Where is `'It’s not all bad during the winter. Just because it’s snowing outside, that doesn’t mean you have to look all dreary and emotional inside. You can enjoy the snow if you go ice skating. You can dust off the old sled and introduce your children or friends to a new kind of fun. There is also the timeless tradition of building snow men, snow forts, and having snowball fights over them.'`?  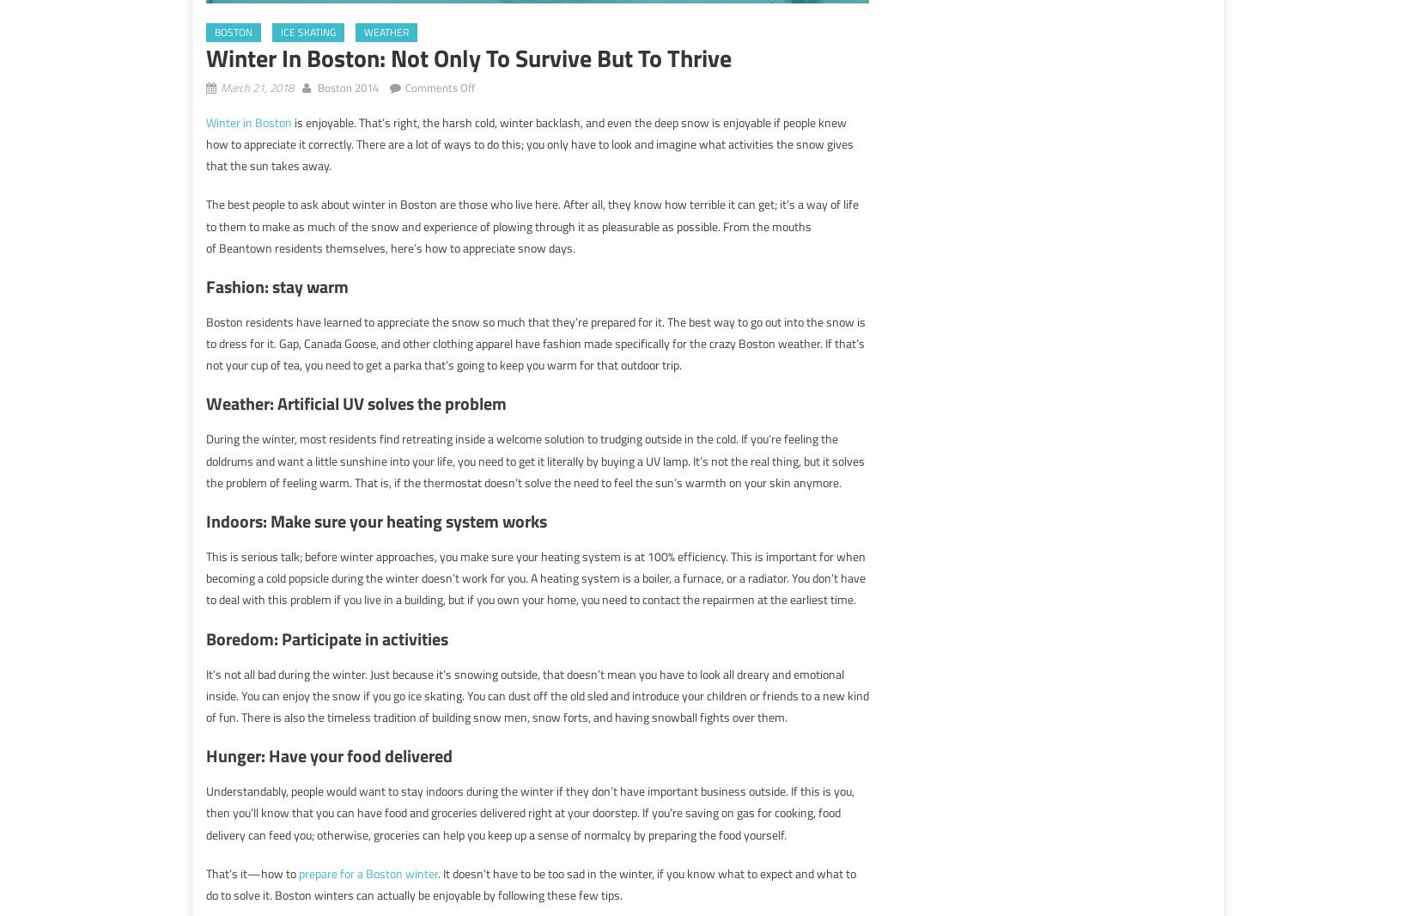
'It’s not all bad during the winter. Just because it’s snowing outside, that doesn’t mean you have to look all dreary and emotional inside. You can enjoy the snow if you go ice skating. You can dust off the old sled and introduce your children or friends to a new kind of fun. There is also the timeless tradition of building snow men, snow forts, and having snowball fights over them.' is located at coordinates (537, 694).